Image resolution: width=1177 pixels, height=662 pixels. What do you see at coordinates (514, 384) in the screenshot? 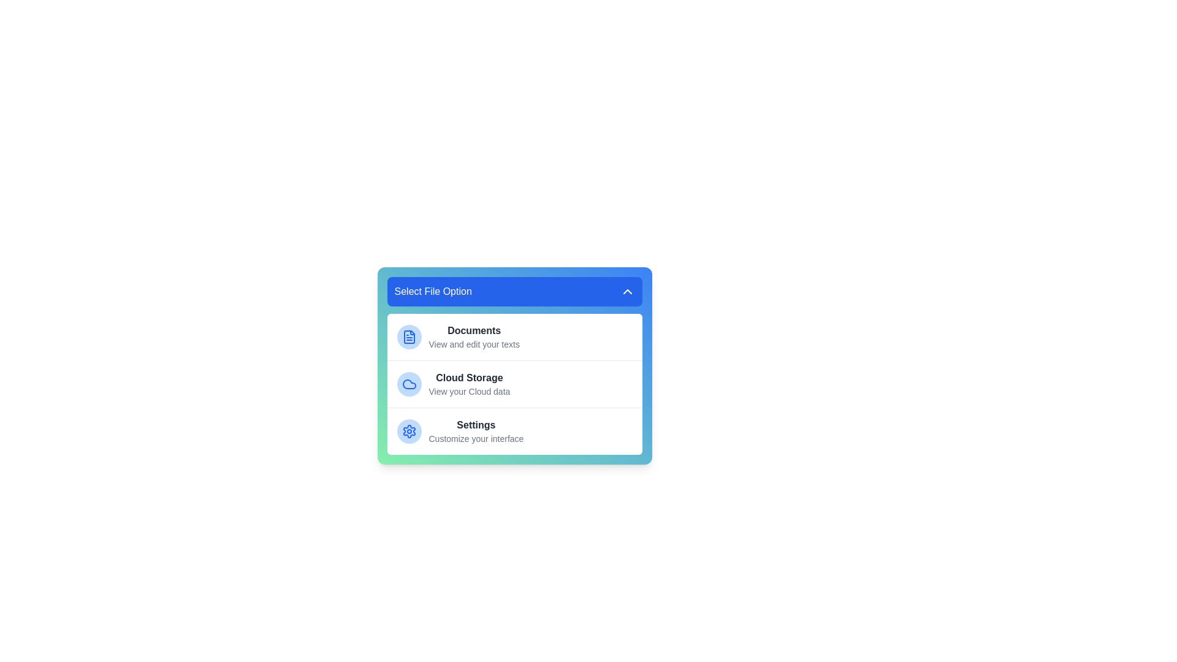
I see `the second menu item in the 'Select File Option' card` at bounding box center [514, 384].